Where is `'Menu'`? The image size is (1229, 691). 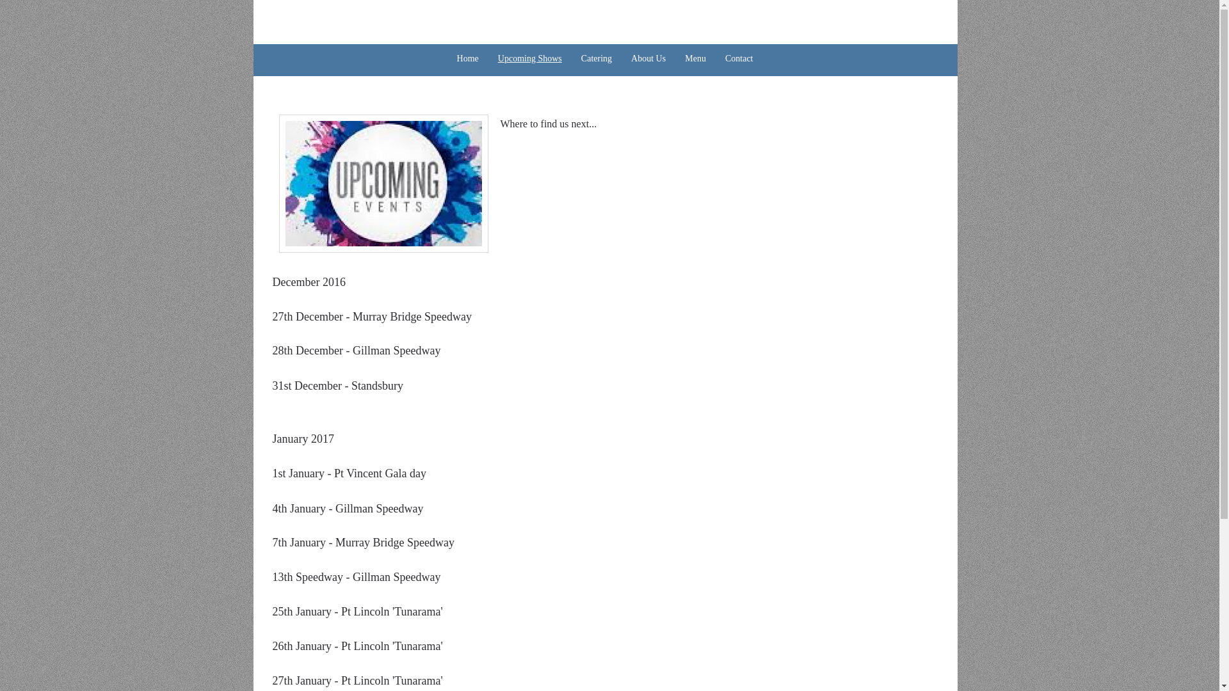
'Menu' is located at coordinates (675, 59).